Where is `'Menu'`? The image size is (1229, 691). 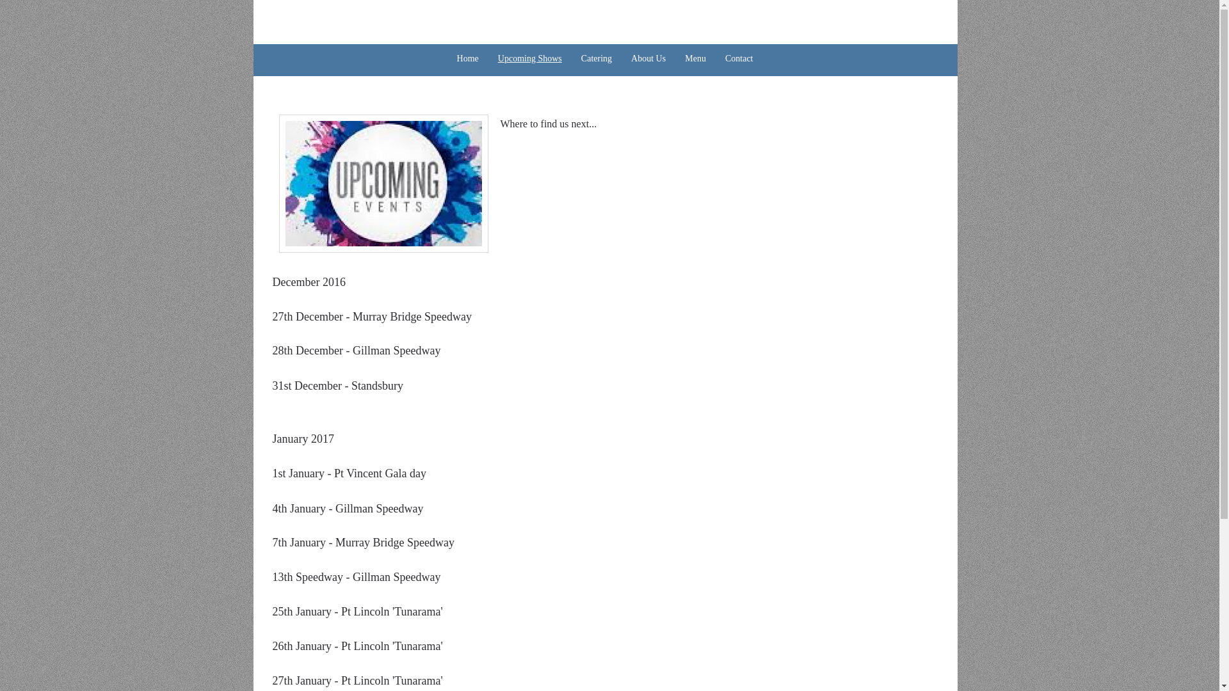
'Menu' is located at coordinates (675, 59).